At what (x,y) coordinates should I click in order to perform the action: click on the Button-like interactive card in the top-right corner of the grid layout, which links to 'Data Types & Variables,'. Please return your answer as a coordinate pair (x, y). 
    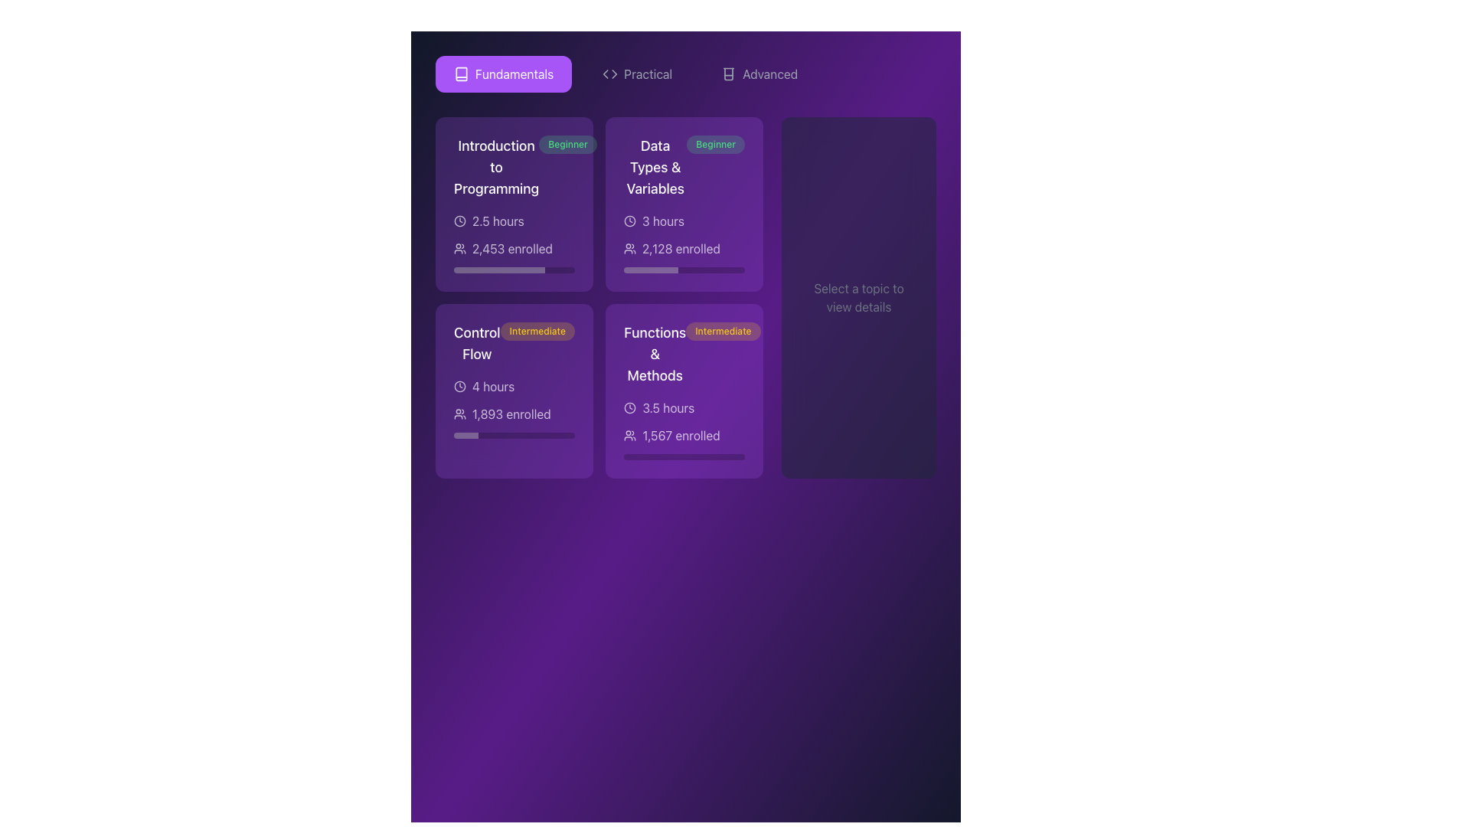
    Looking at the image, I should click on (683, 203).